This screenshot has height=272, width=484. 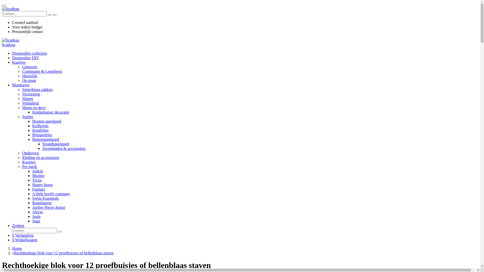 I want to click on 'Slapen', so click(x=27, y=98).